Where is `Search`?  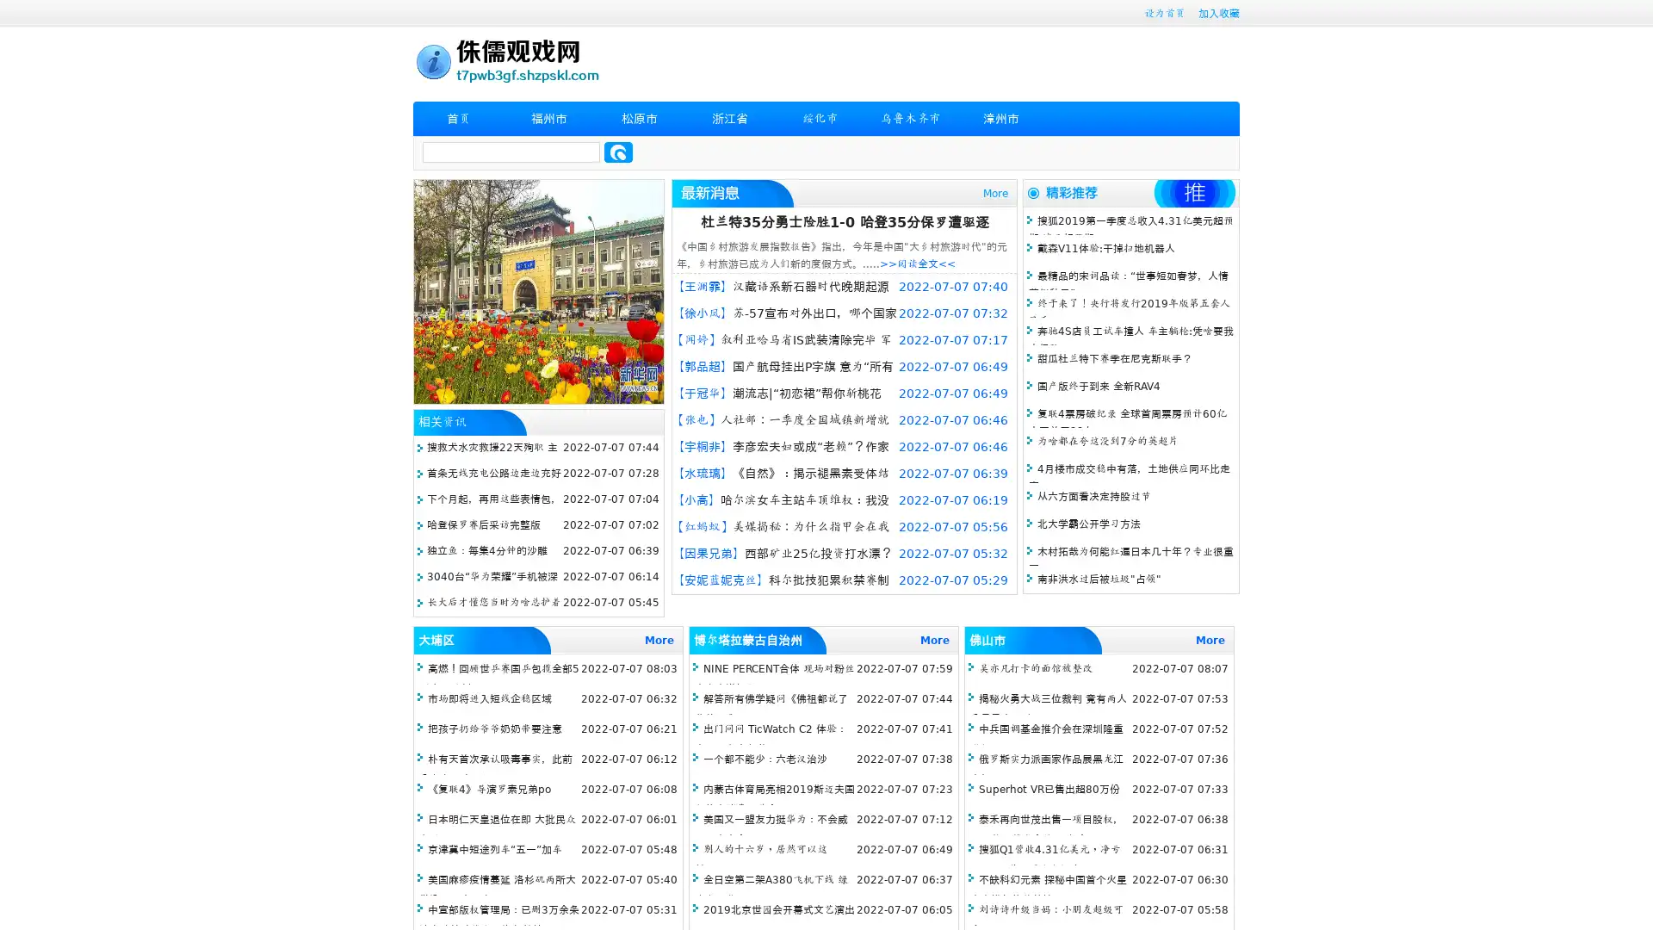
Search is located at coordinates (618, 152).